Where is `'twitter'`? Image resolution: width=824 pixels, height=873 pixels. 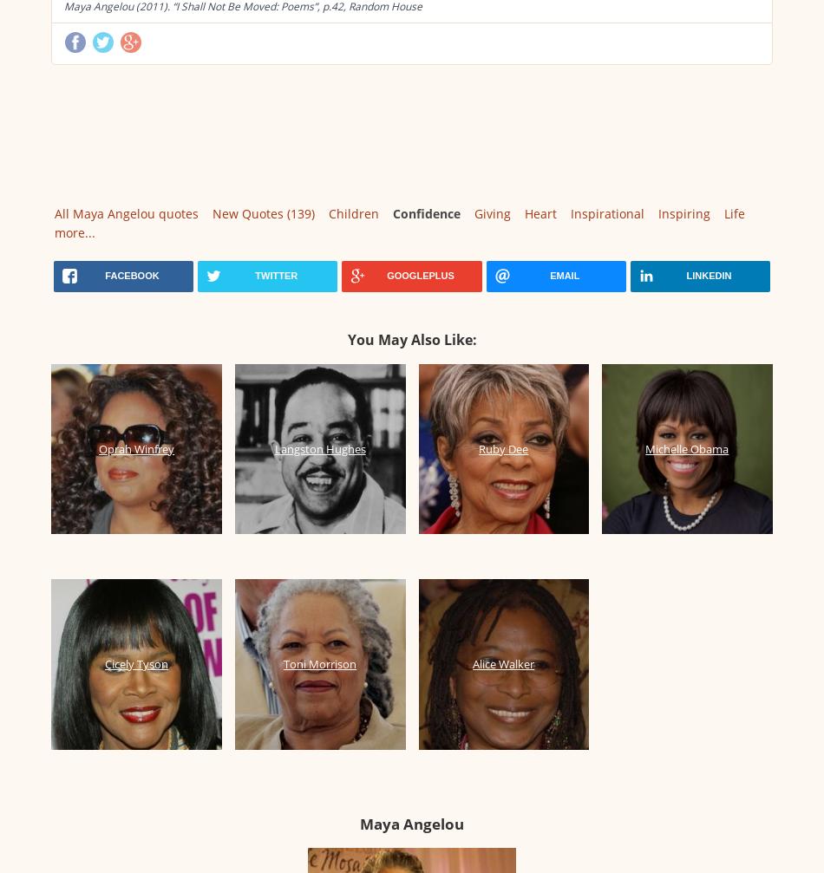 'twitter' is located at coordinates (275, 276).